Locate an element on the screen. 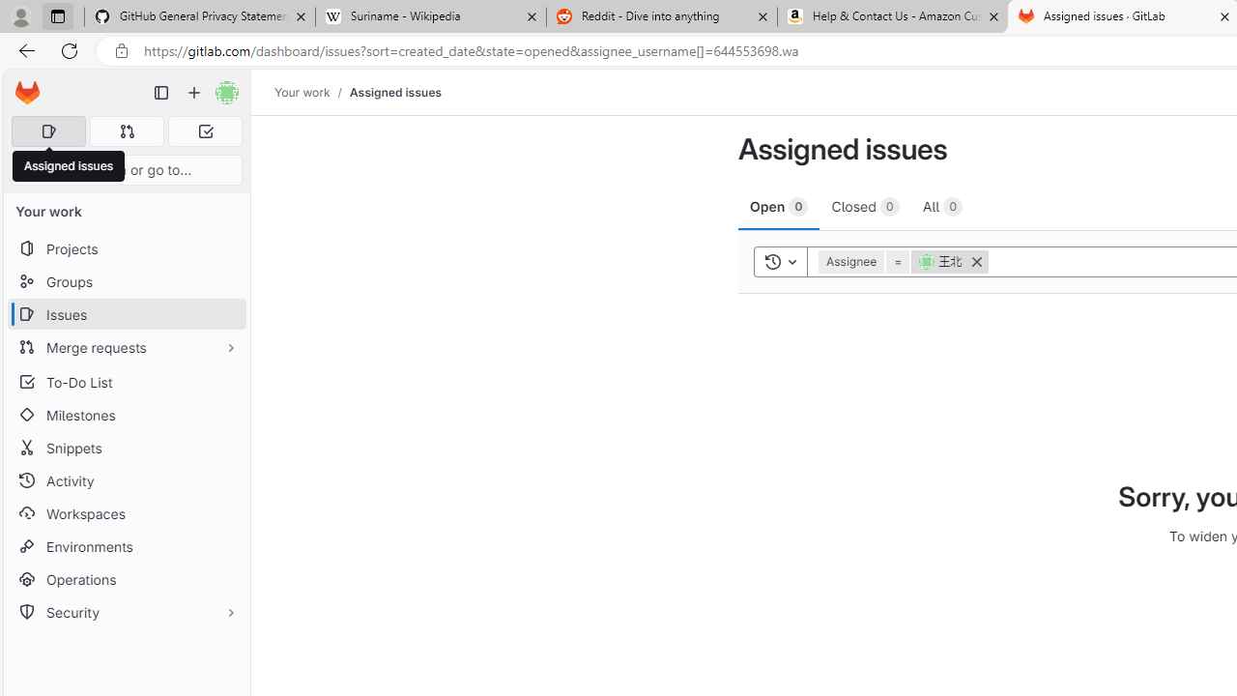 The width and height of the screenshot is (1237, 696). 'Your work' is located at coordinates (301, 92).